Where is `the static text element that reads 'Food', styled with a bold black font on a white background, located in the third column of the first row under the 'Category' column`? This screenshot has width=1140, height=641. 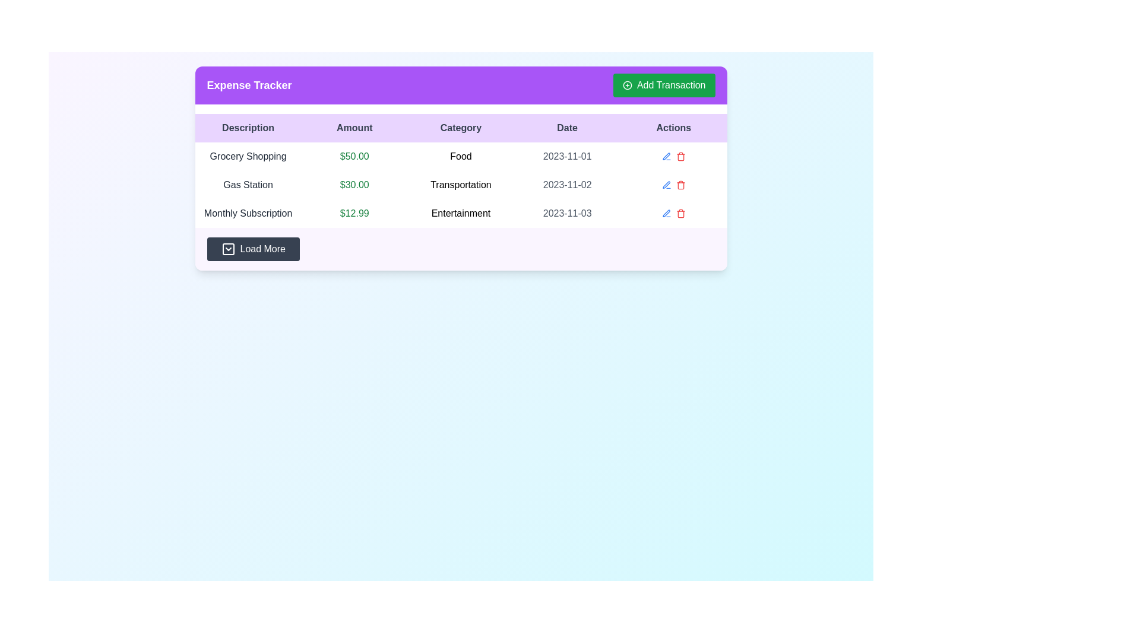
the static text element that reads 'Food', styled with a bold black font on a white background, located in the third column of the first row under the 'Category' column is located at coordinates (460, 156).